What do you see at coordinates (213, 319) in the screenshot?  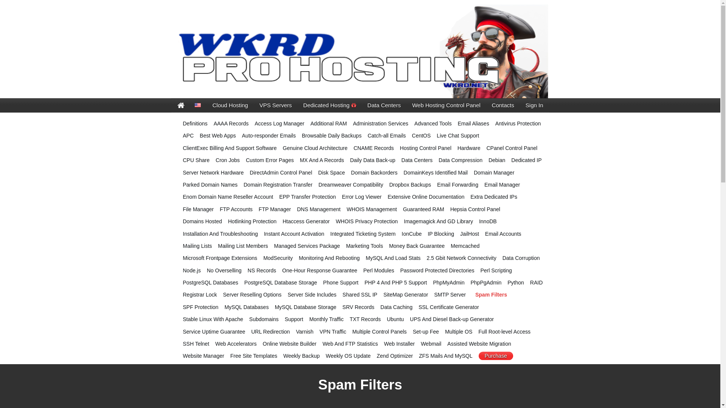 I see `'Stable Linux With Apache'` at bounding box center [213, 319].